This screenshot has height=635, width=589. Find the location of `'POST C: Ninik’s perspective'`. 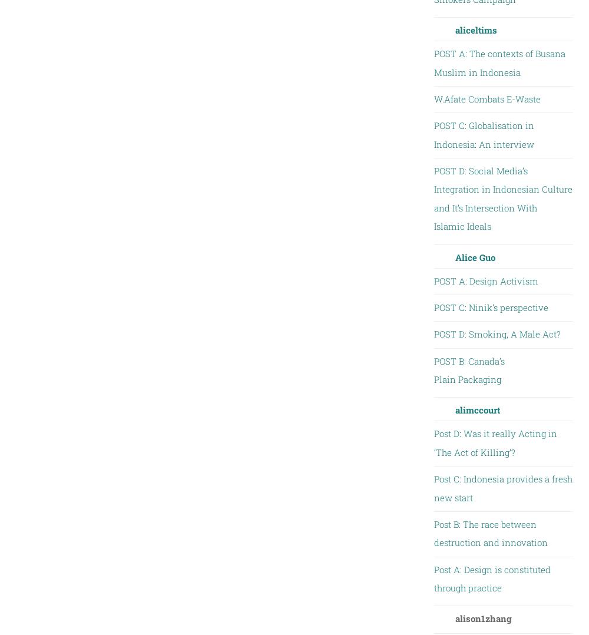

'POST C: Ninik’s perspective' is located at coordinates (490, 306).